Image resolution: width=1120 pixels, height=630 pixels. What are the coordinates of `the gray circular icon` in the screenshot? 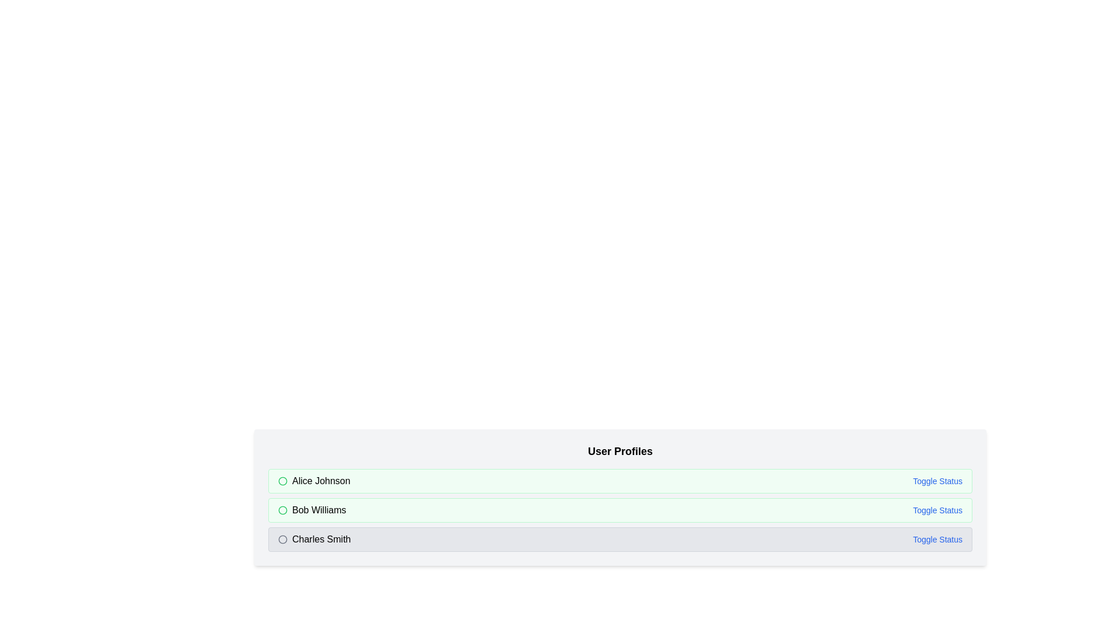 It's located at (282, 540).